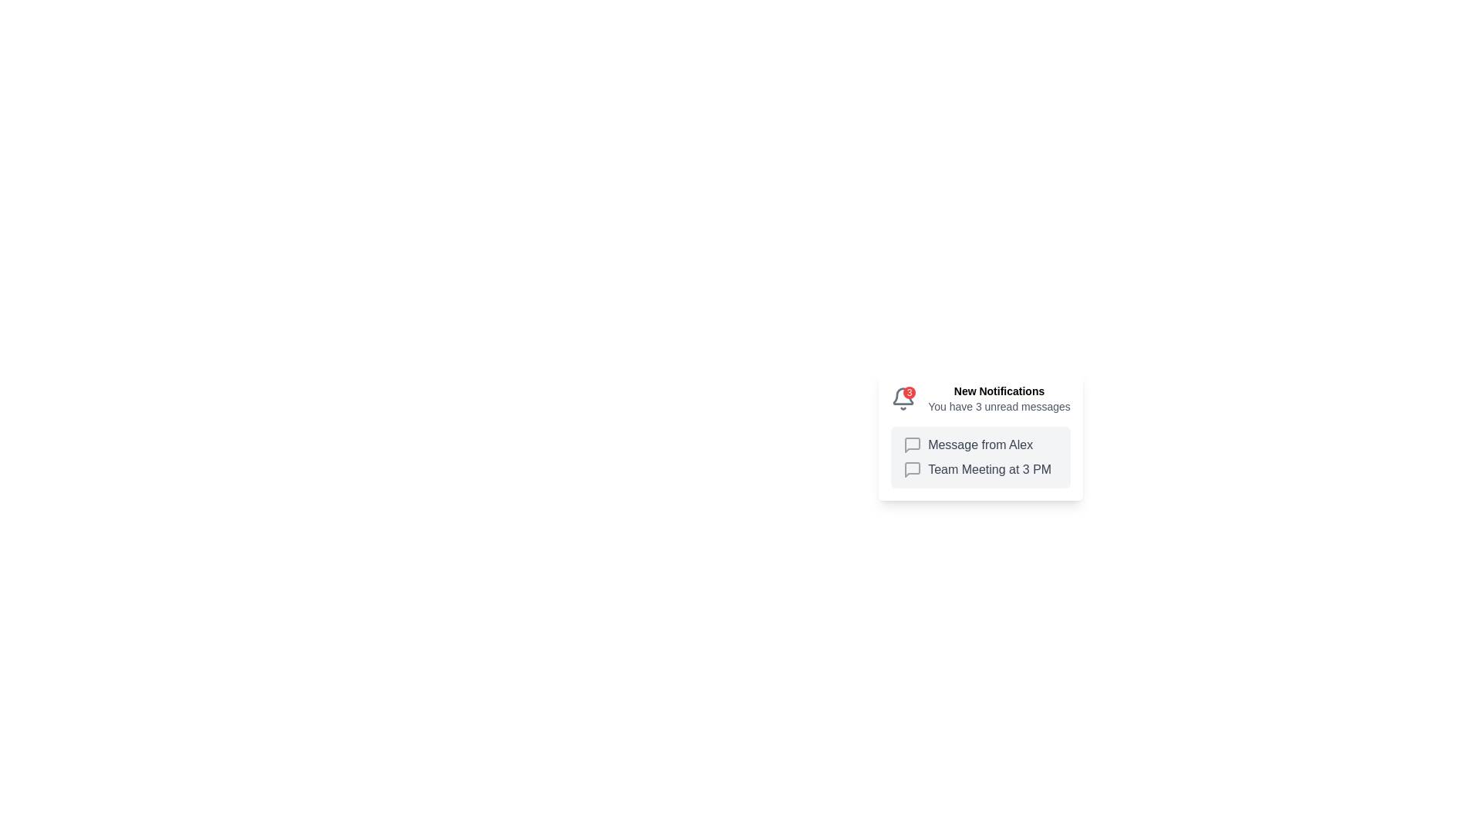  I want to click on each notification in the Notification Card, which serves as a notification hub for new messages or events, so click(980, 436).